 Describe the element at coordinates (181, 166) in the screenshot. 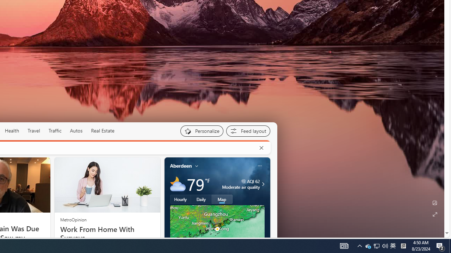

I see `'Aberdeen'` at that location.